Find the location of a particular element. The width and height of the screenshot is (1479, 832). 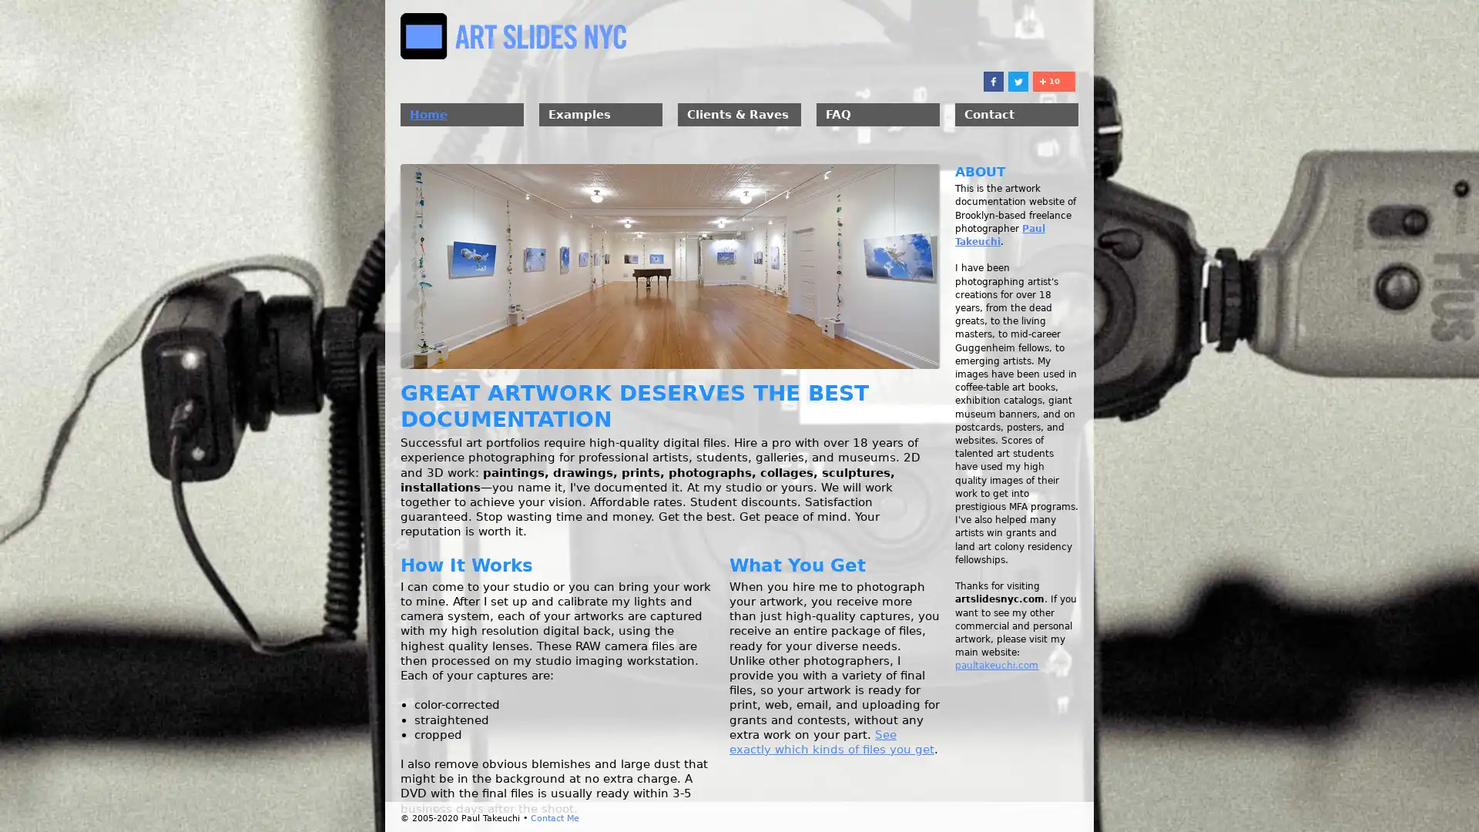

Share to More 10 is located at coordinates (1055, 80).